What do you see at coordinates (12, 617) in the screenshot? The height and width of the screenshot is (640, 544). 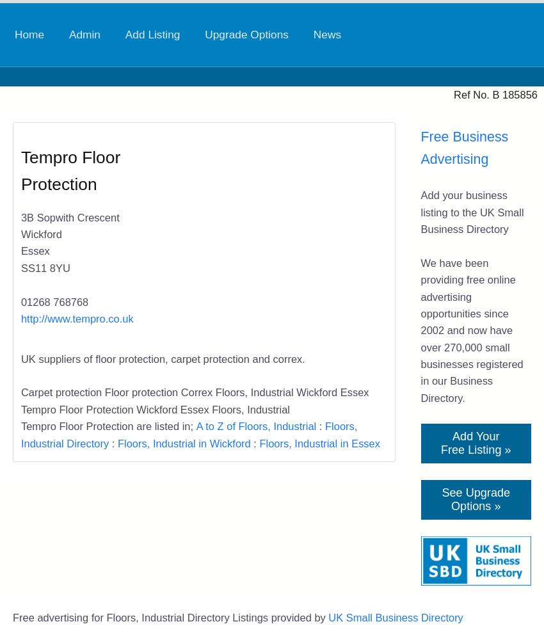 I see `'Free advertising for Floors, Industrial Directory Listings provided by'` at bounding box center [12, 617].